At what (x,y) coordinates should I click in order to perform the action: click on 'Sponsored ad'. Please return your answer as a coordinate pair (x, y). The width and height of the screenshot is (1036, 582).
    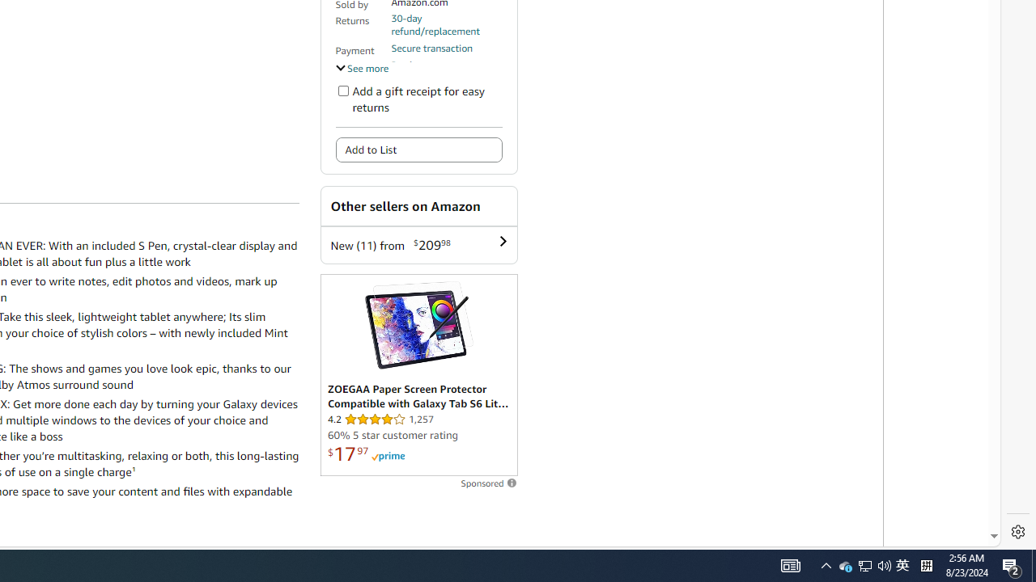
    Looking at the image, I should click on (418, 375).